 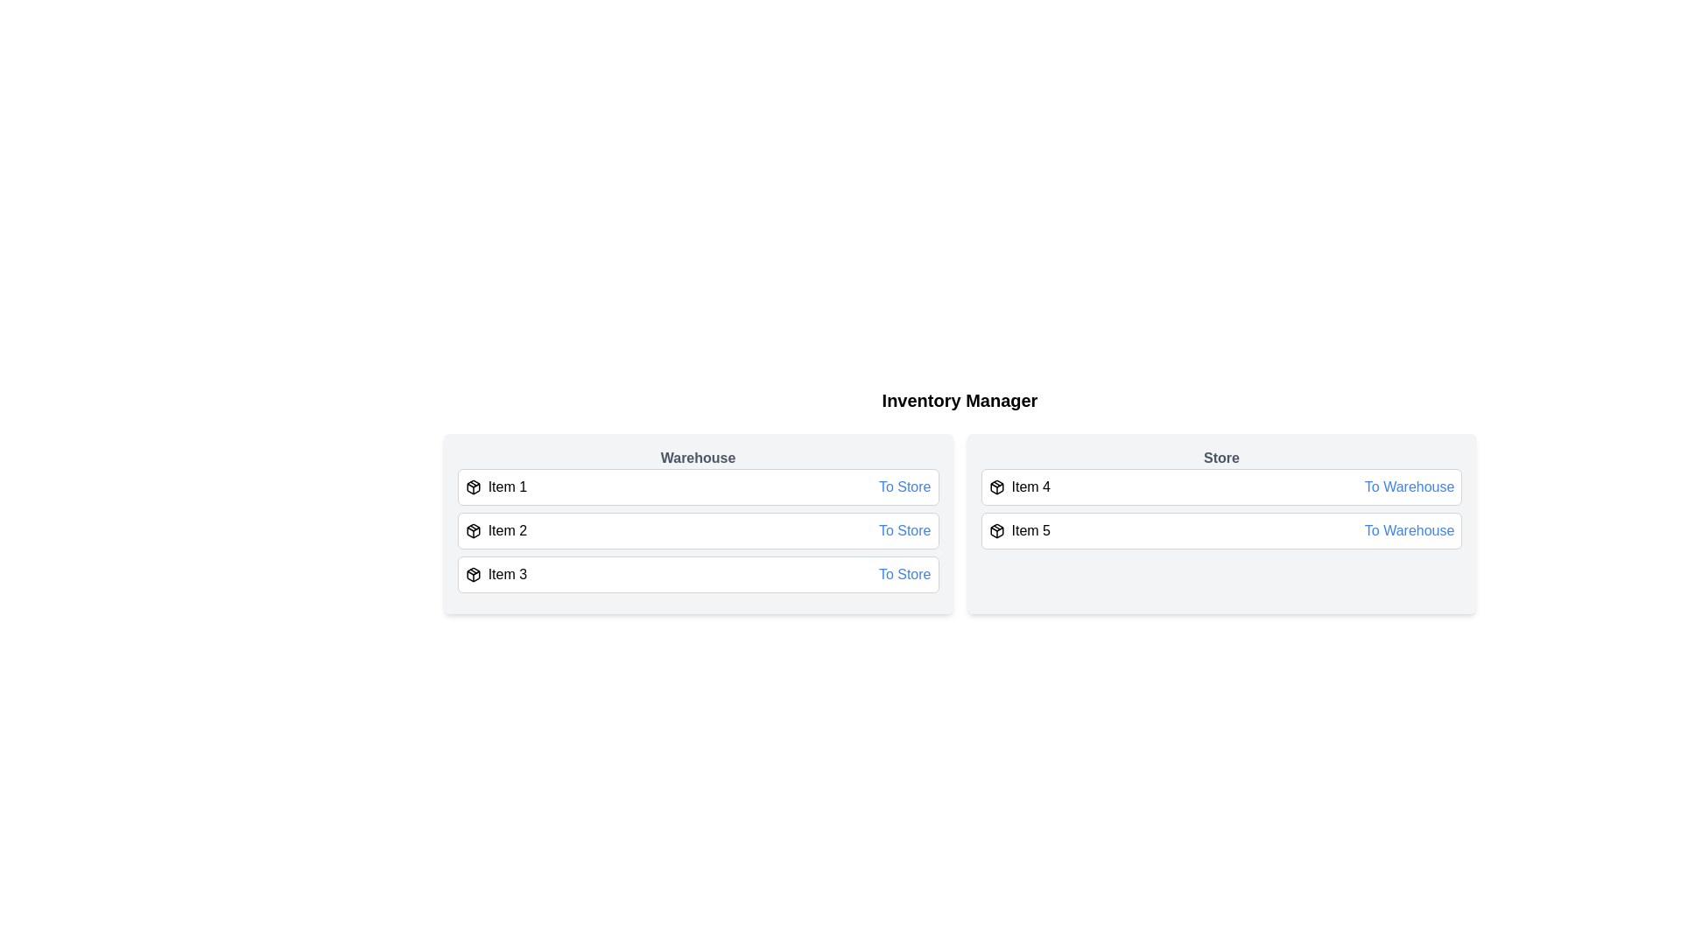 I want to click on the button to transfer Item 5 from Store to <destination>, so click(x=1410, y=529).